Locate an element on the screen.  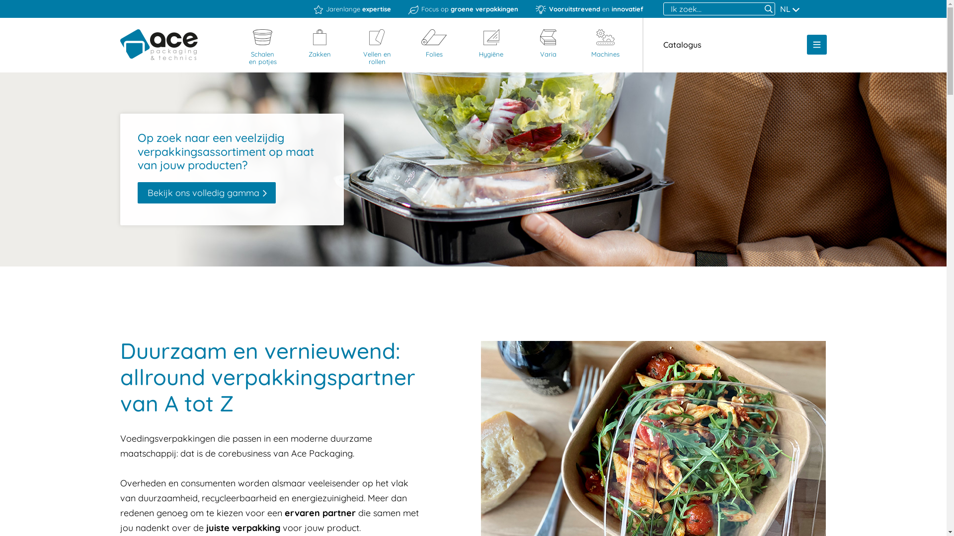
'Bekijk ons volledig gamma' is located at coordinates (205, 193).